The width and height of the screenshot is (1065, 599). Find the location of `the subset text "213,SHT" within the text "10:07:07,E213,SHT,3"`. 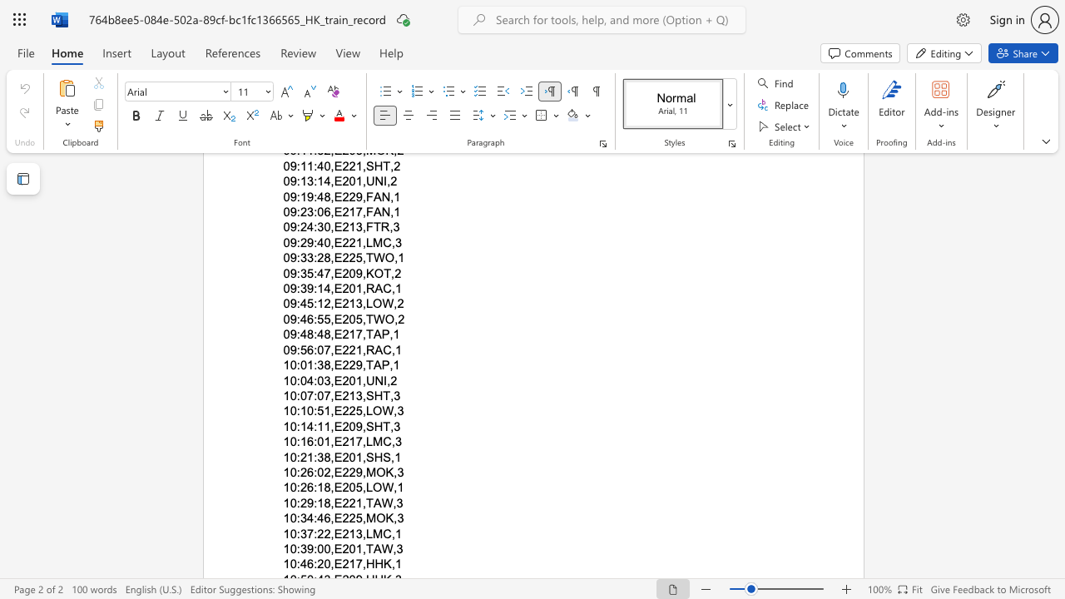

the subset text "213,SHT" within the text "10:07:07,E213,SHT,3" is located at coordinates (341, 395).